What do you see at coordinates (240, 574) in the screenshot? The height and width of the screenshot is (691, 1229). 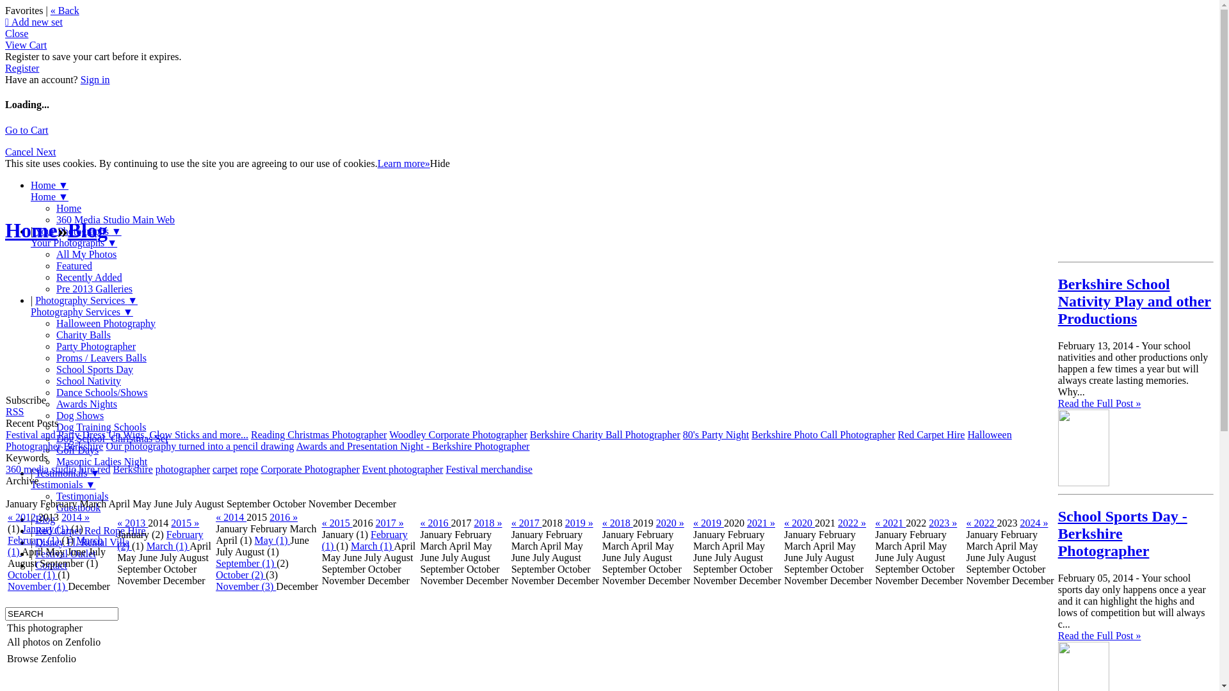 I see `'October (2)'` at bounding box center [240, 574].